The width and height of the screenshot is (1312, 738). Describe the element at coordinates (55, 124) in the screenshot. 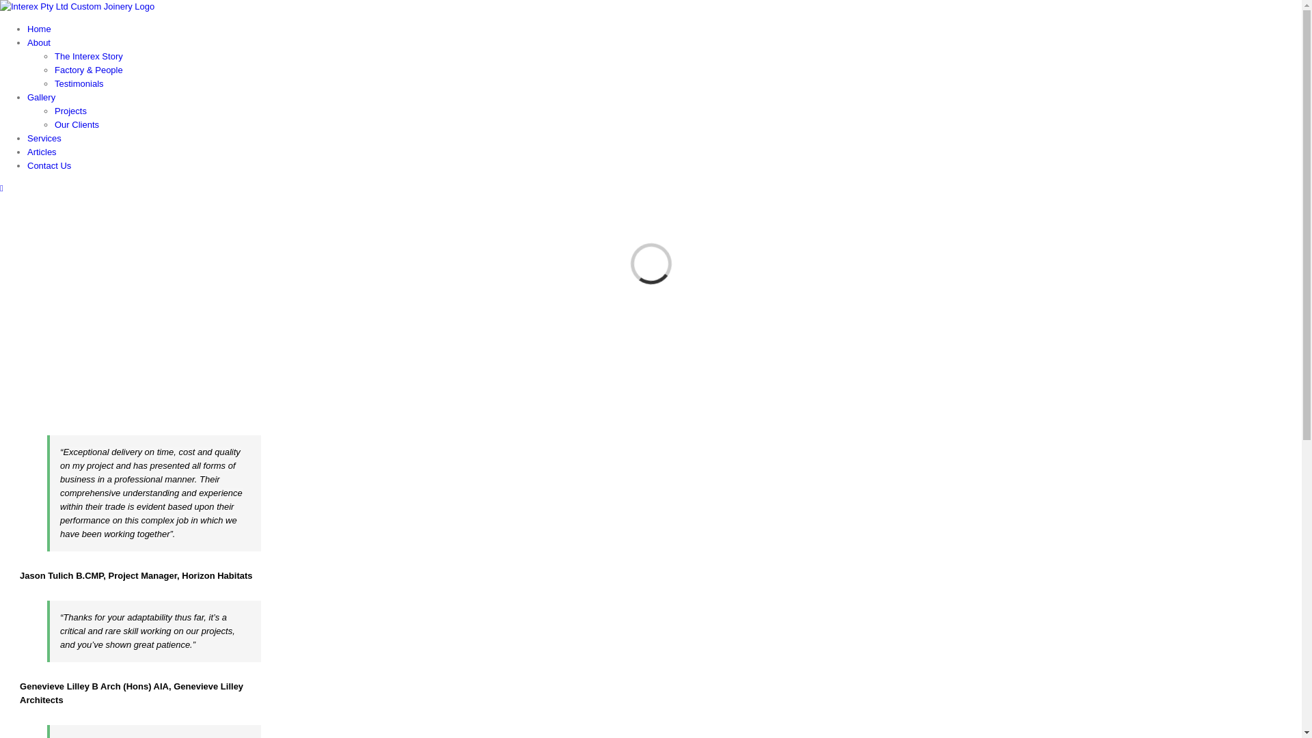

I see `'Our Clients'` at that location.